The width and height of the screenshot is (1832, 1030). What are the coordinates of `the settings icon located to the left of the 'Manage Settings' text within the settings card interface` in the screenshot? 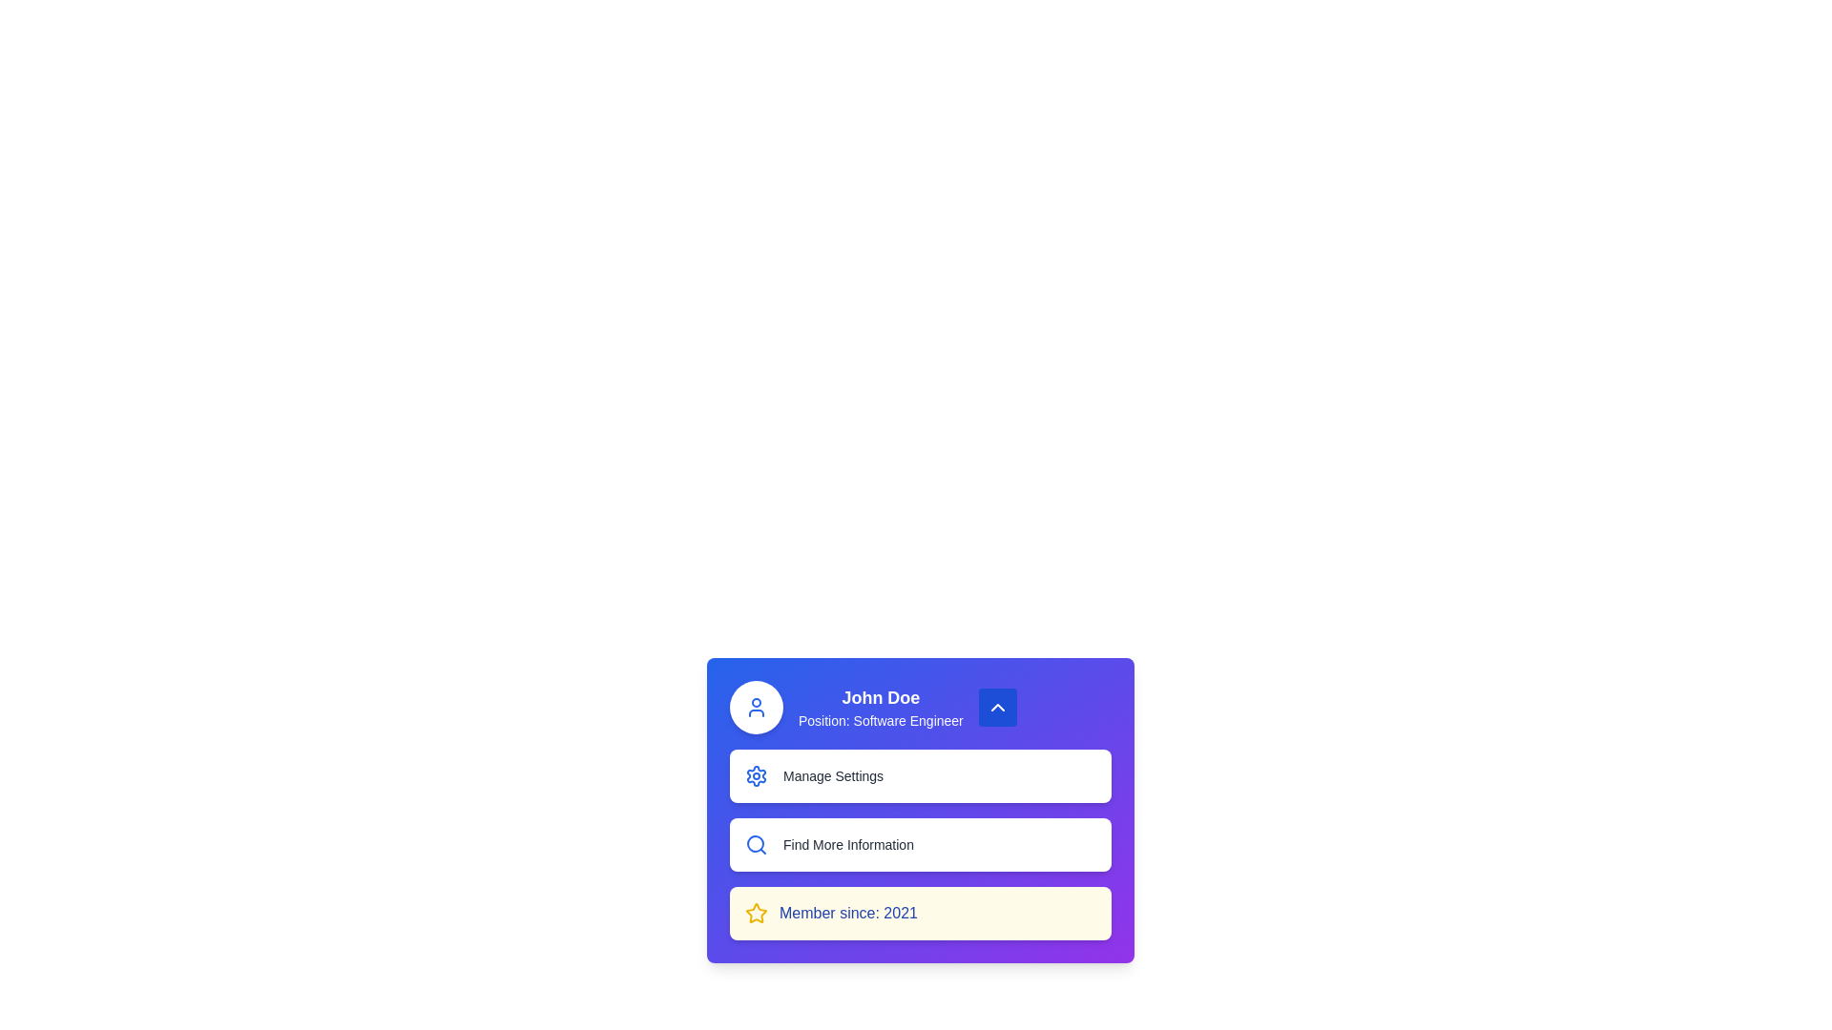 It's located at (755, 775).